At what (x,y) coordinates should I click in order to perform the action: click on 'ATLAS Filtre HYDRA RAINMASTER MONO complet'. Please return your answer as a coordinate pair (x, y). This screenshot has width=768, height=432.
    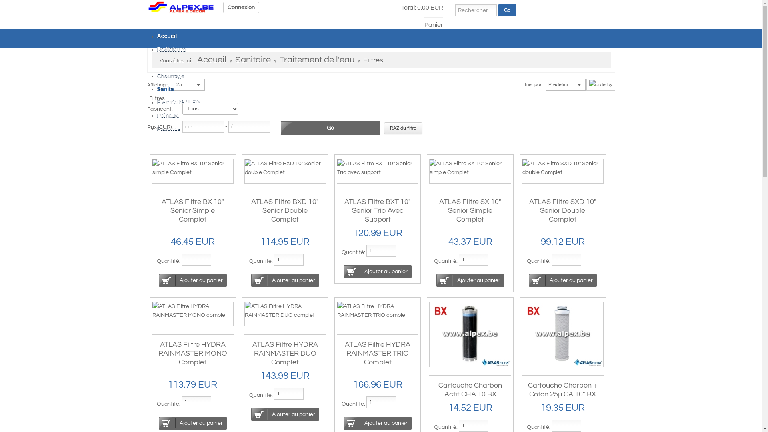
    Looking at the image, I should click on (192, 310).